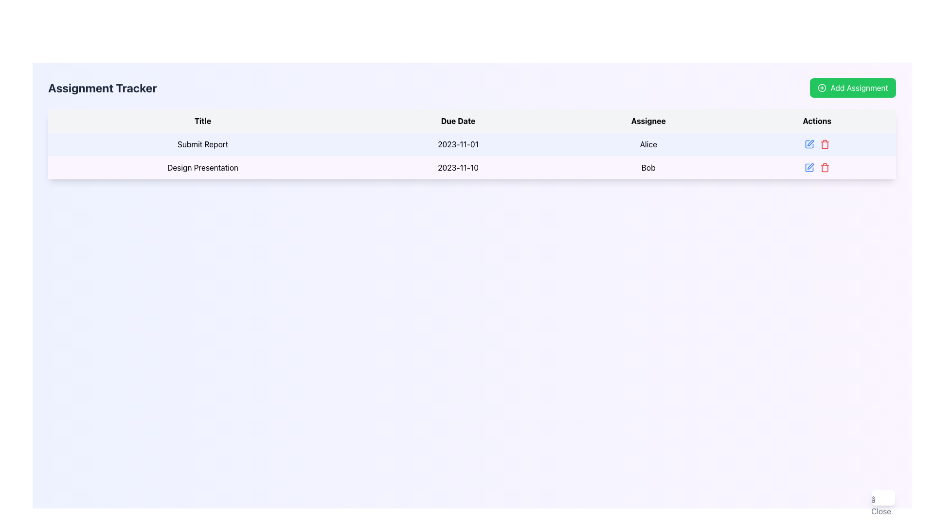 The height and width of the screenshot is (525, 934). What do you see at coordinates (457, 167) in the screenshot?
I see `the table cell displaying the due date for the associated task, located in the 'Due Date' column of the second row` at bounding box center [457, 167].